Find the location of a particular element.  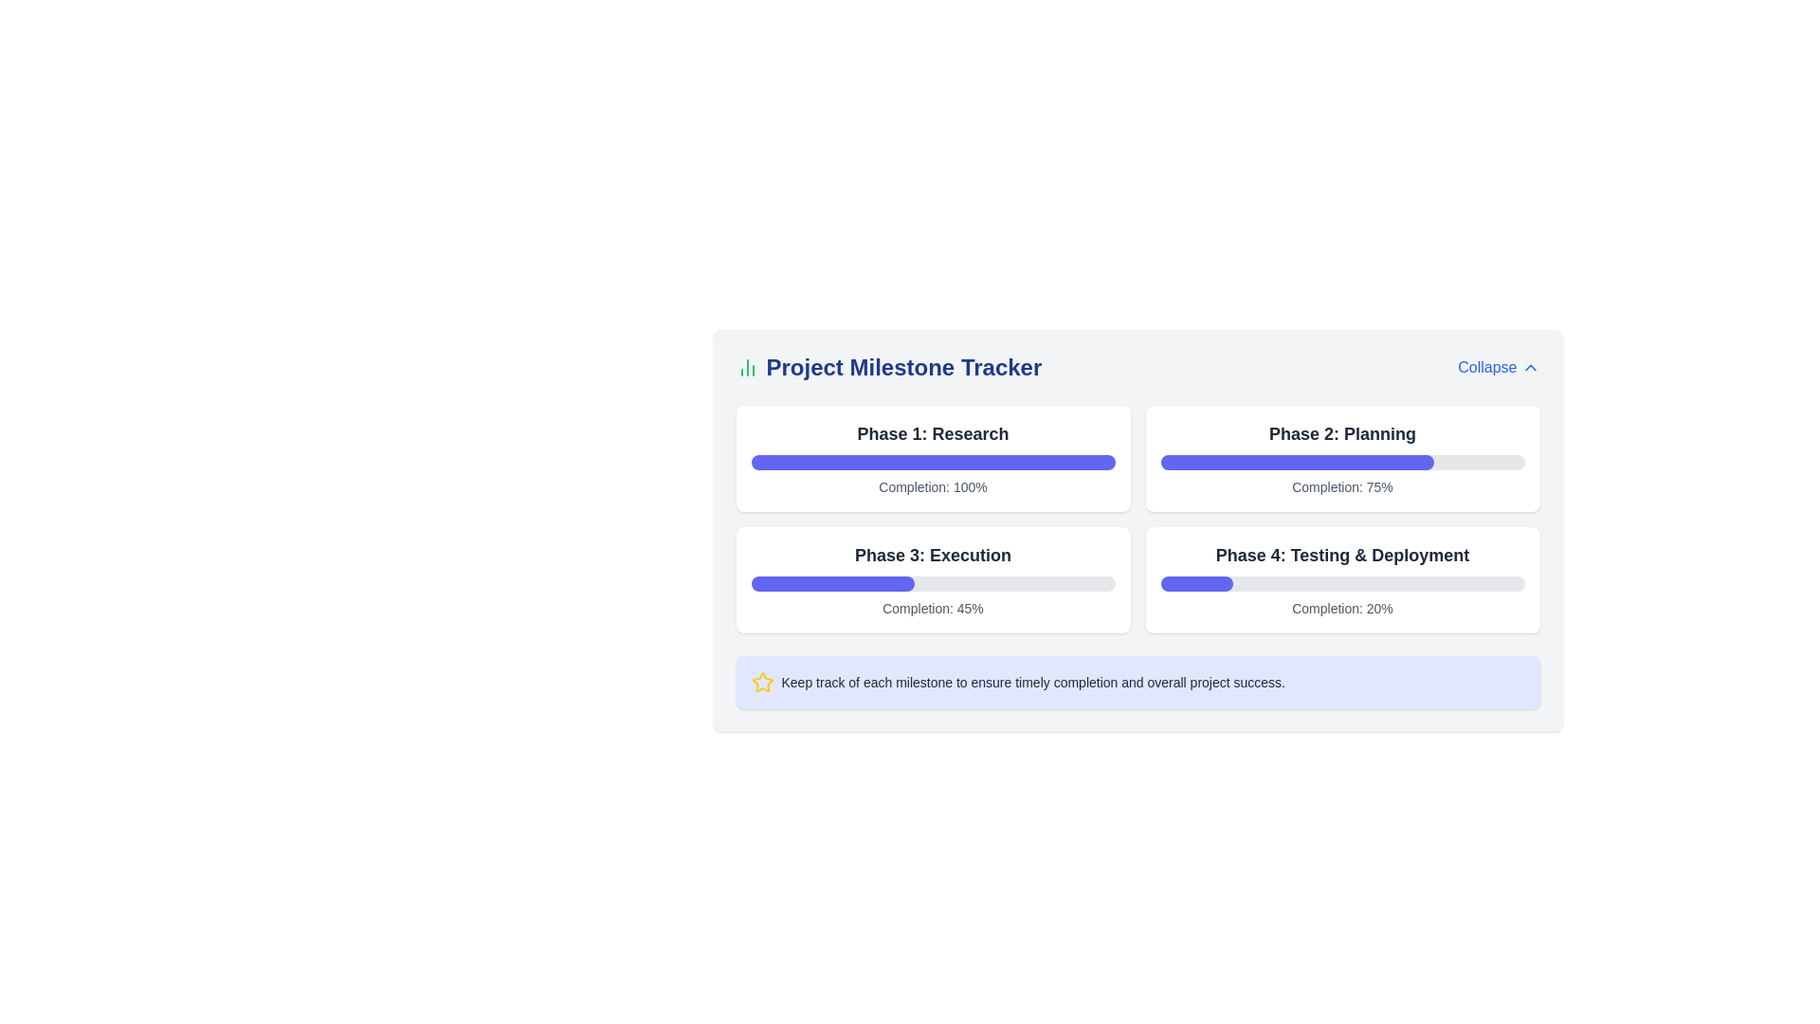

the progress visually on the horizontal progress bar indicating 75% completion situated in the 'Phase 2: Planning' panel is located at coordinates (1341, 463).